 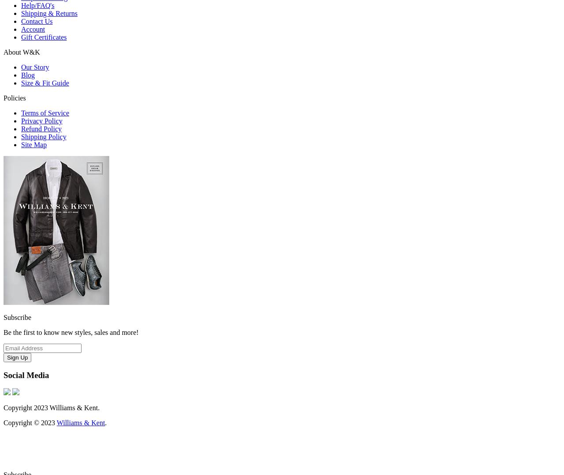 I want to click on 'Privacy Policy', so click(x=21, y=120).